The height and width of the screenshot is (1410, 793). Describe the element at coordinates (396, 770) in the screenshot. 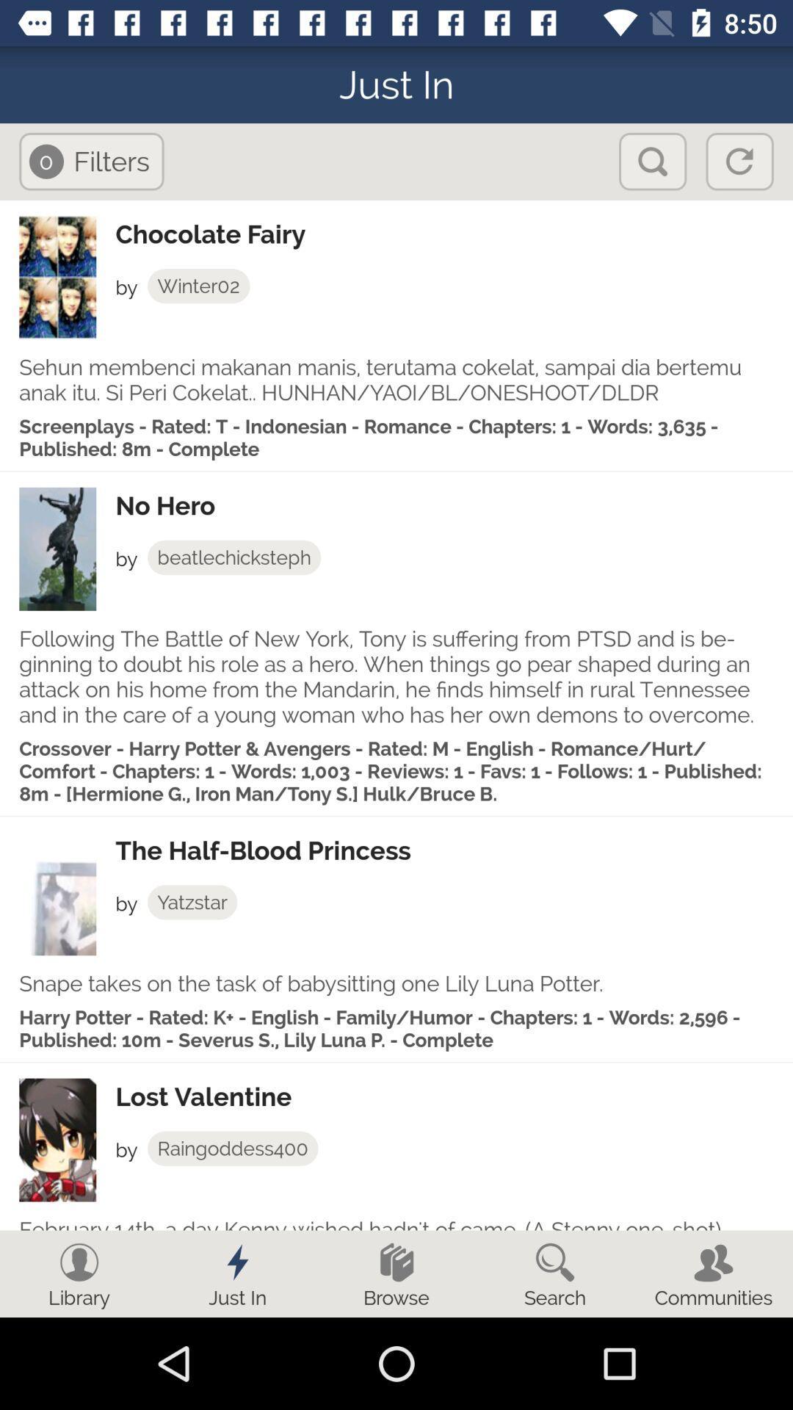

I see `crossover harry potter icon` at that location.